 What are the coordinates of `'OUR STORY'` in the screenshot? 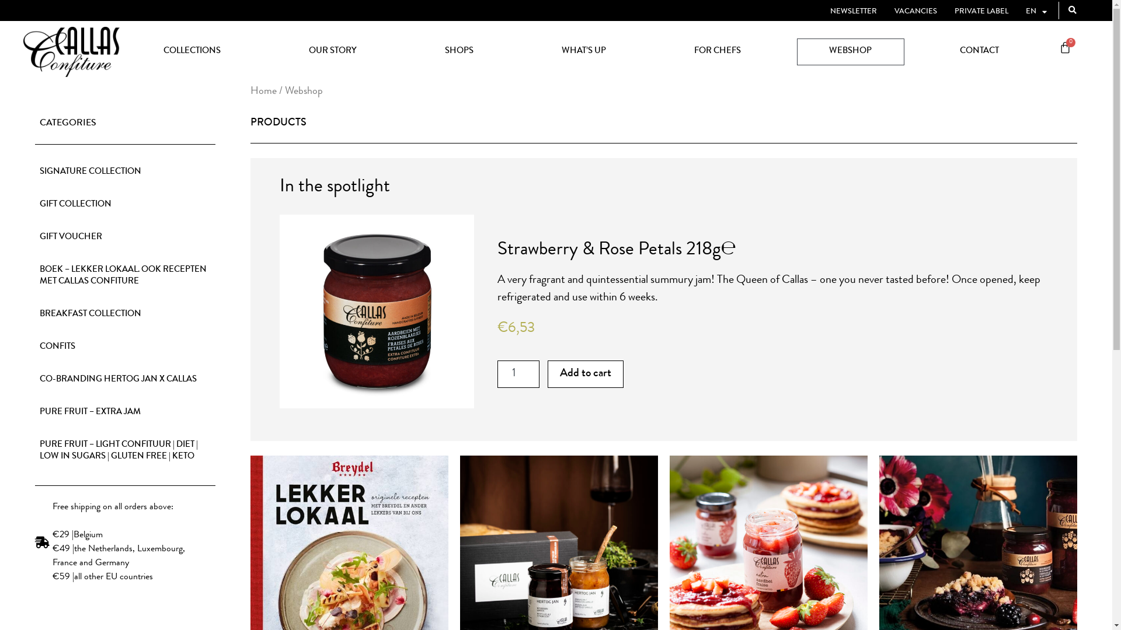 It's located at (276, 51).